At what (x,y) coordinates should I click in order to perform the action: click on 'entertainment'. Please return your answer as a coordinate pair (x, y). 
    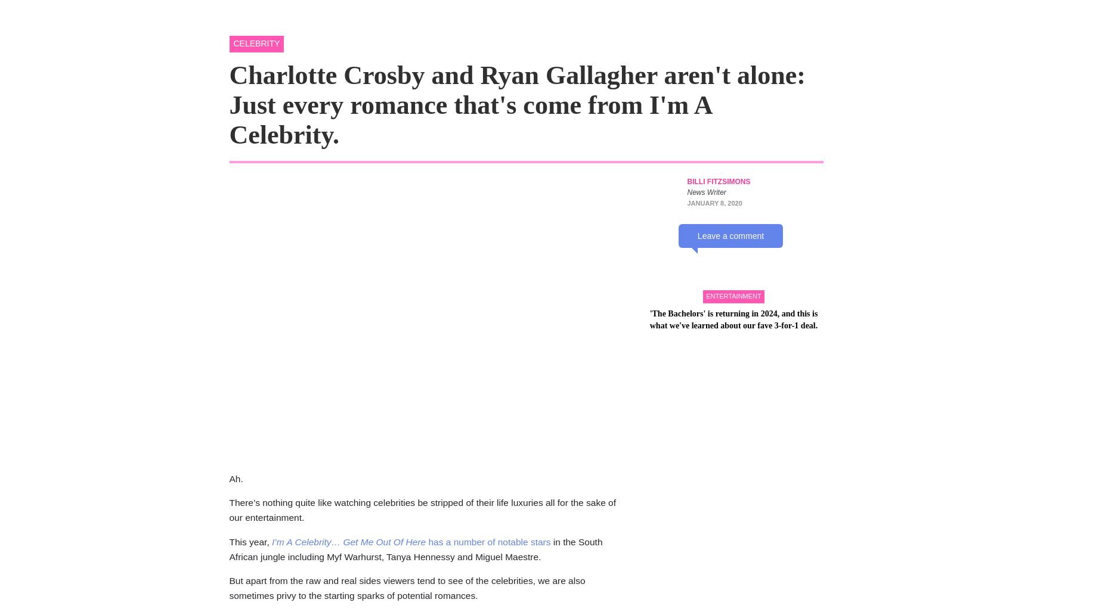
    Looking at the image, I should click on (733, 400).